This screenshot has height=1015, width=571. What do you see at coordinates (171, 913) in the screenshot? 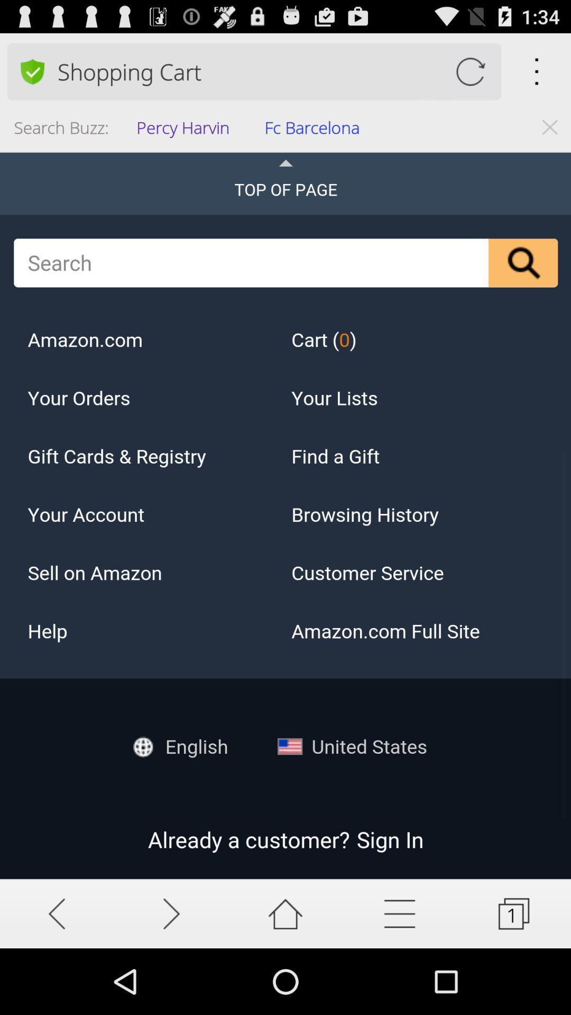
I see `forward` at bounding box center [171, 913].